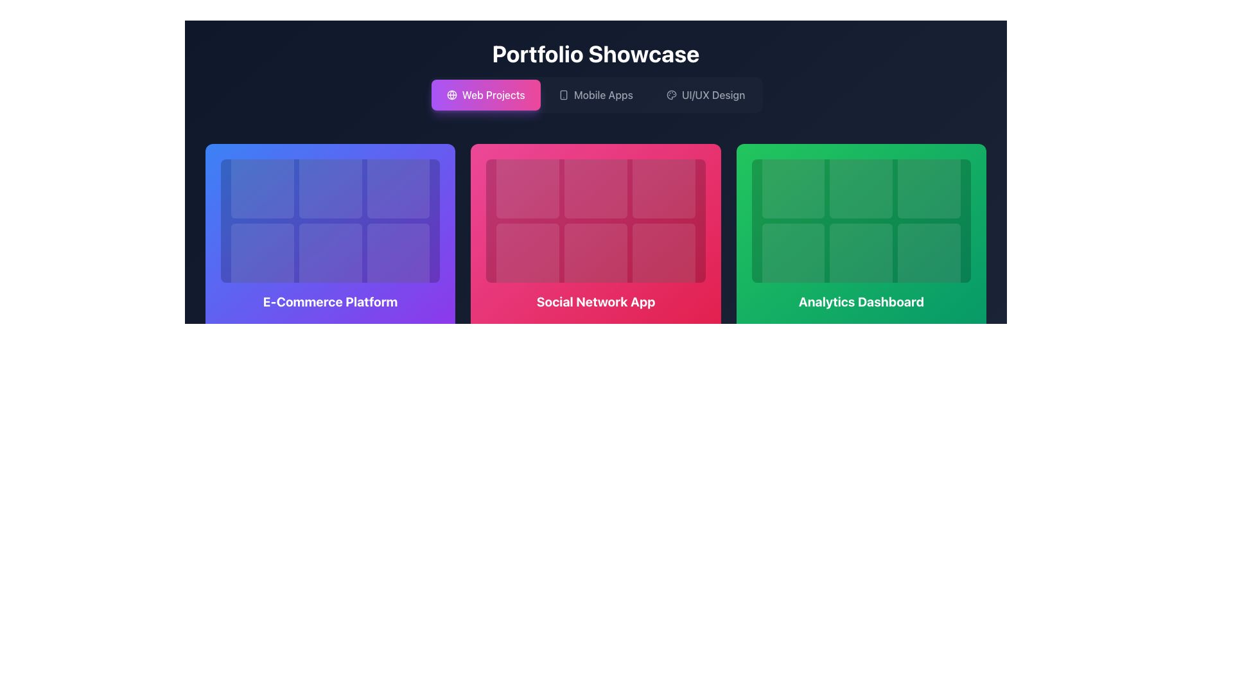 The image size is (1233, 694). What do you see at coordinates (681, 328) in the screenshot?
I see `minimalistic placeholder or indicator located below the 'Social Network App' card in the bottom-right corner of the layout` at bounding box center [681, 328].